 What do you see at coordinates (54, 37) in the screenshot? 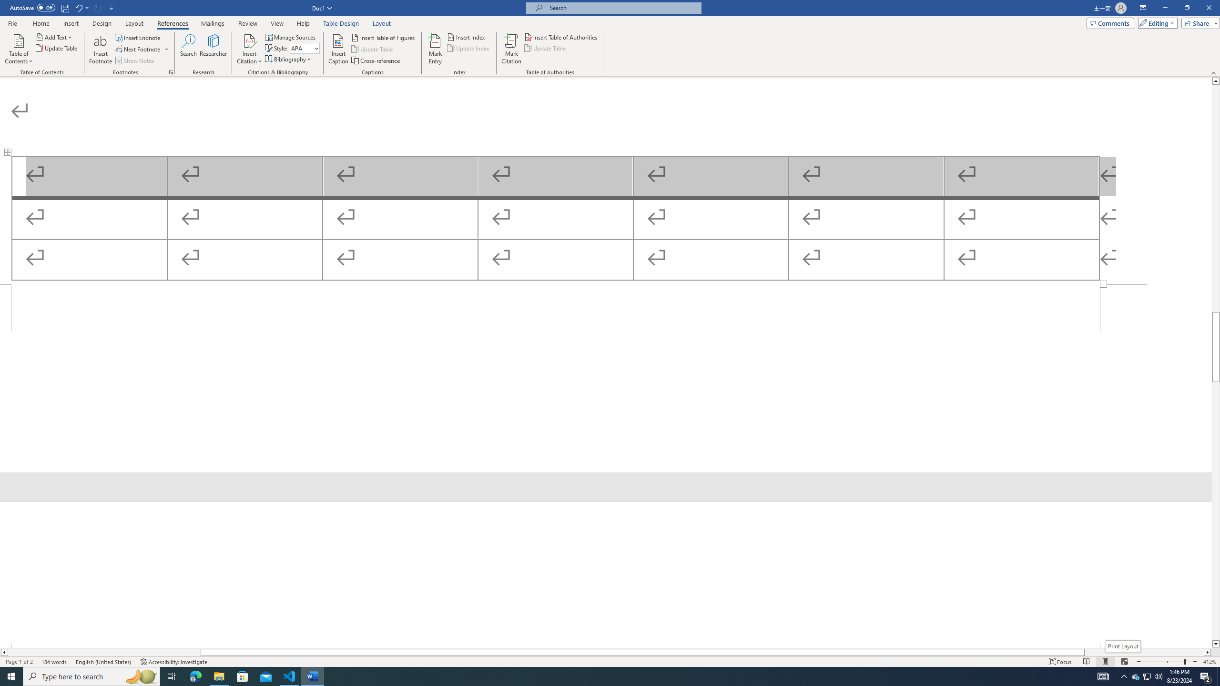
I see `'Add Text'` at bounding box center [54, 37].